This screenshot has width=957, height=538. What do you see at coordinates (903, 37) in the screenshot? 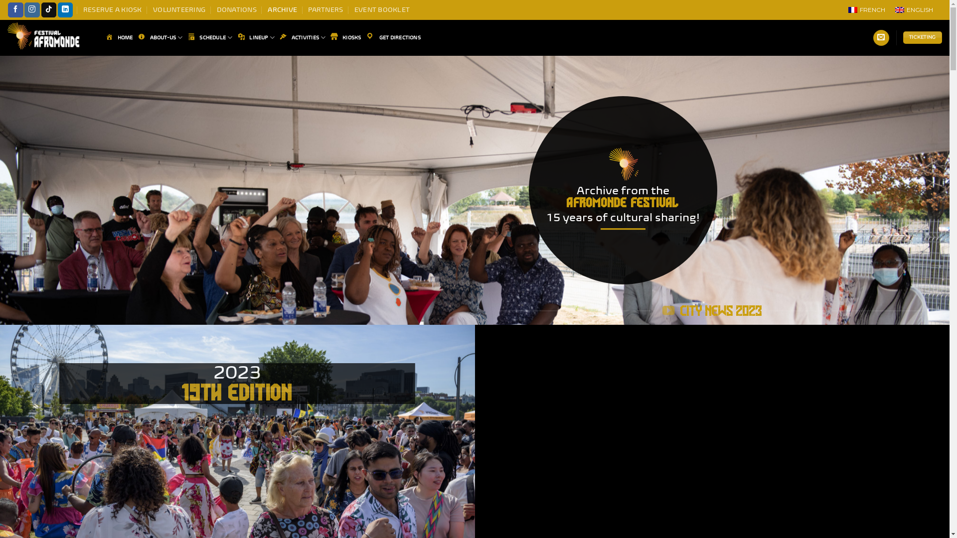
I see `'TICKETING'` at bounding box center [903, 37].